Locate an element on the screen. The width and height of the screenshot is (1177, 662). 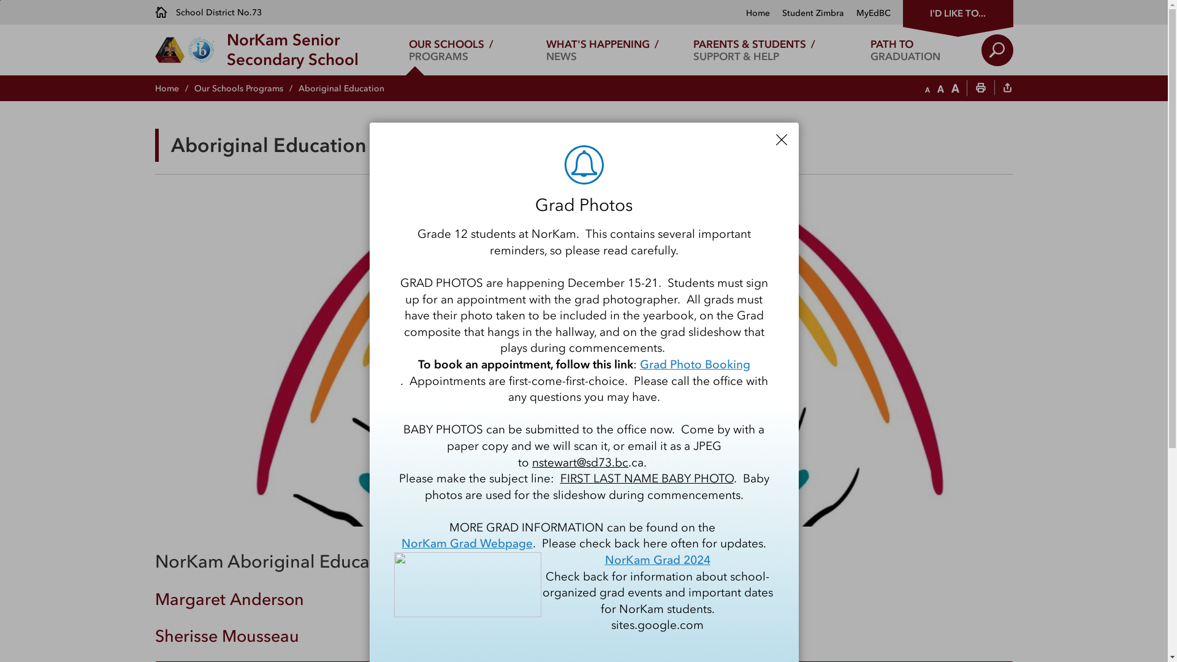
'NorKam Grad Webpage' is located at coordinates (467, 543).